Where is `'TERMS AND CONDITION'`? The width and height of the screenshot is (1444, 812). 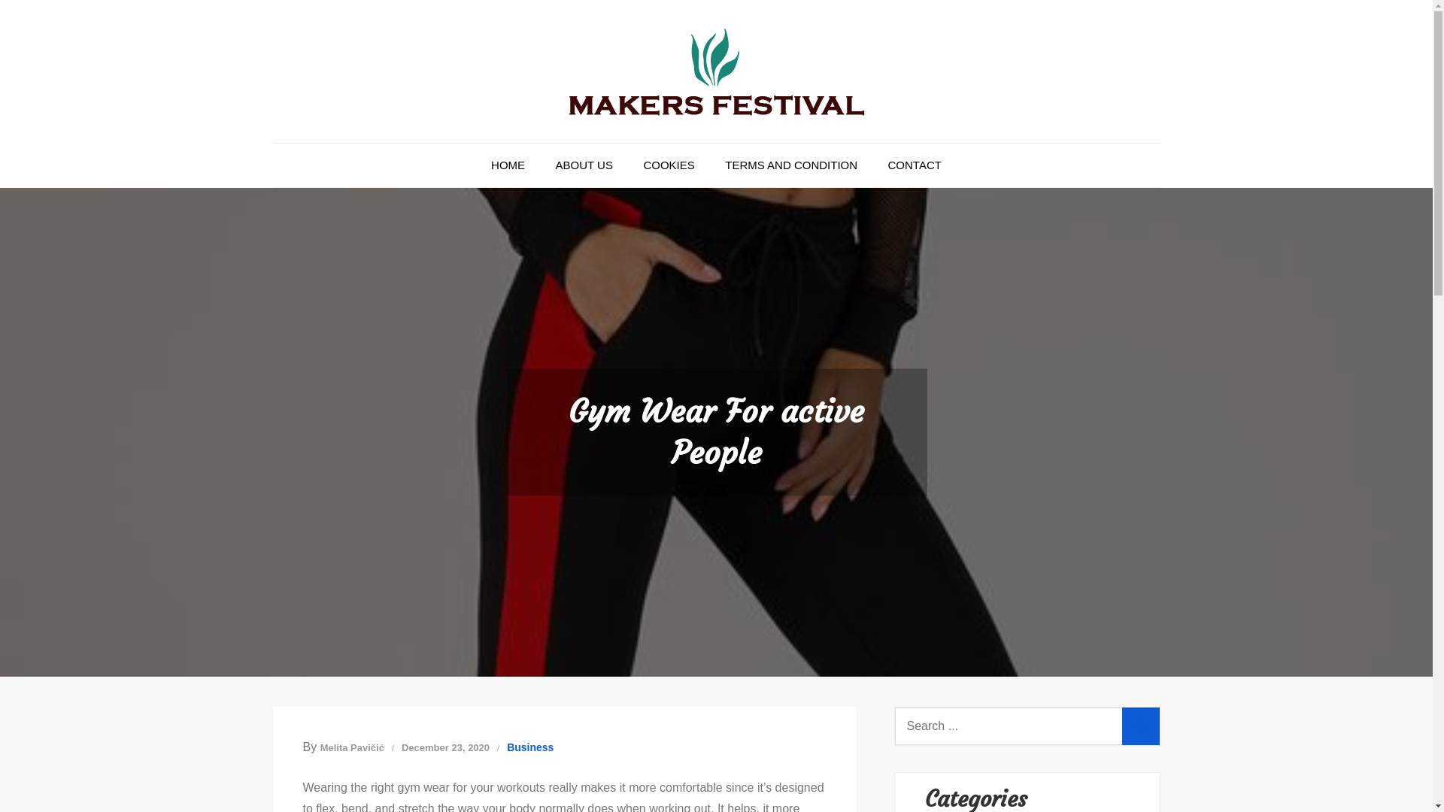
'TERMS AND CONDITION' is located at coordinates (710, 165).